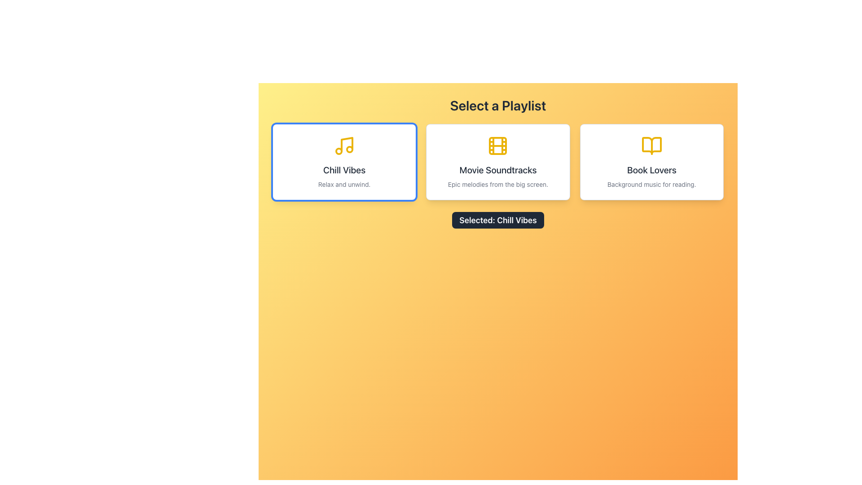 The image size is (862, 485). Describe the element at coordinates (651, 170) in the screenshot. I see `the text label that displays 'Book Lovers' located in the third card of a horizontal card list, positioned below the book icon and above the descriptive text` at that location.